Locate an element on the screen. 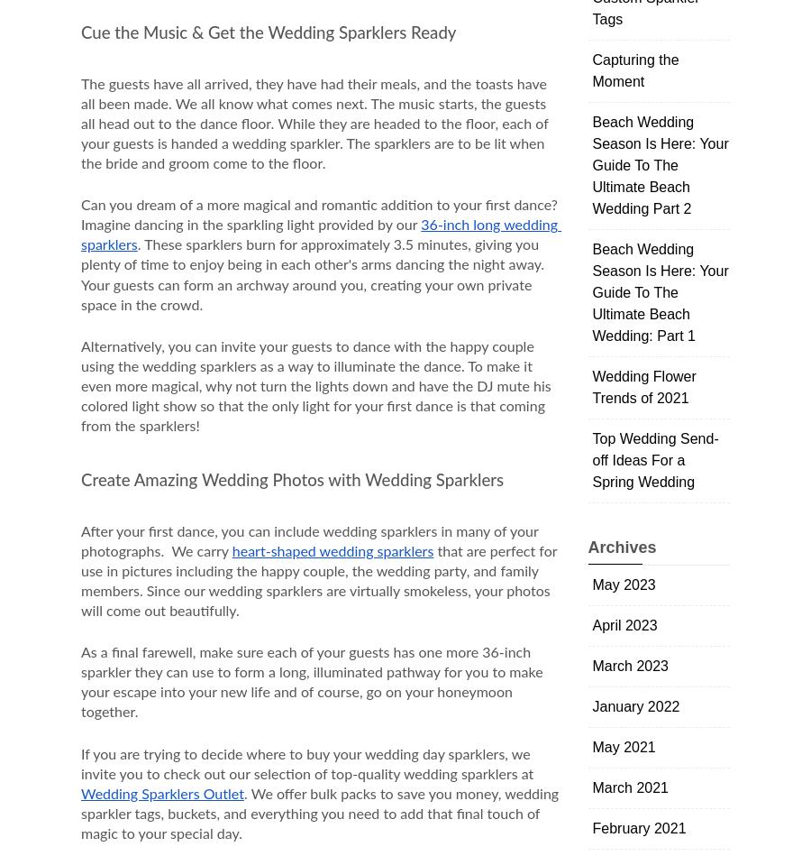  'heart-shaped wedding sparklers' is located at coordinates (231, 549).